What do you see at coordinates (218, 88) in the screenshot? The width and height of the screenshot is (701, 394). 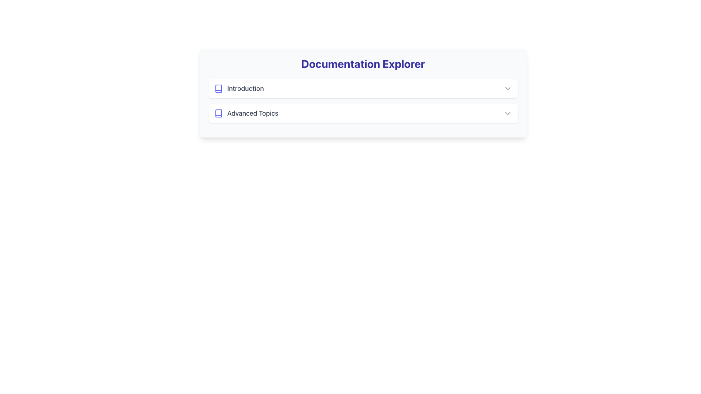 I see `the blue book icon in the Documentation Explorer section, located in the Introduction list item` at bounding box center [218, 88].